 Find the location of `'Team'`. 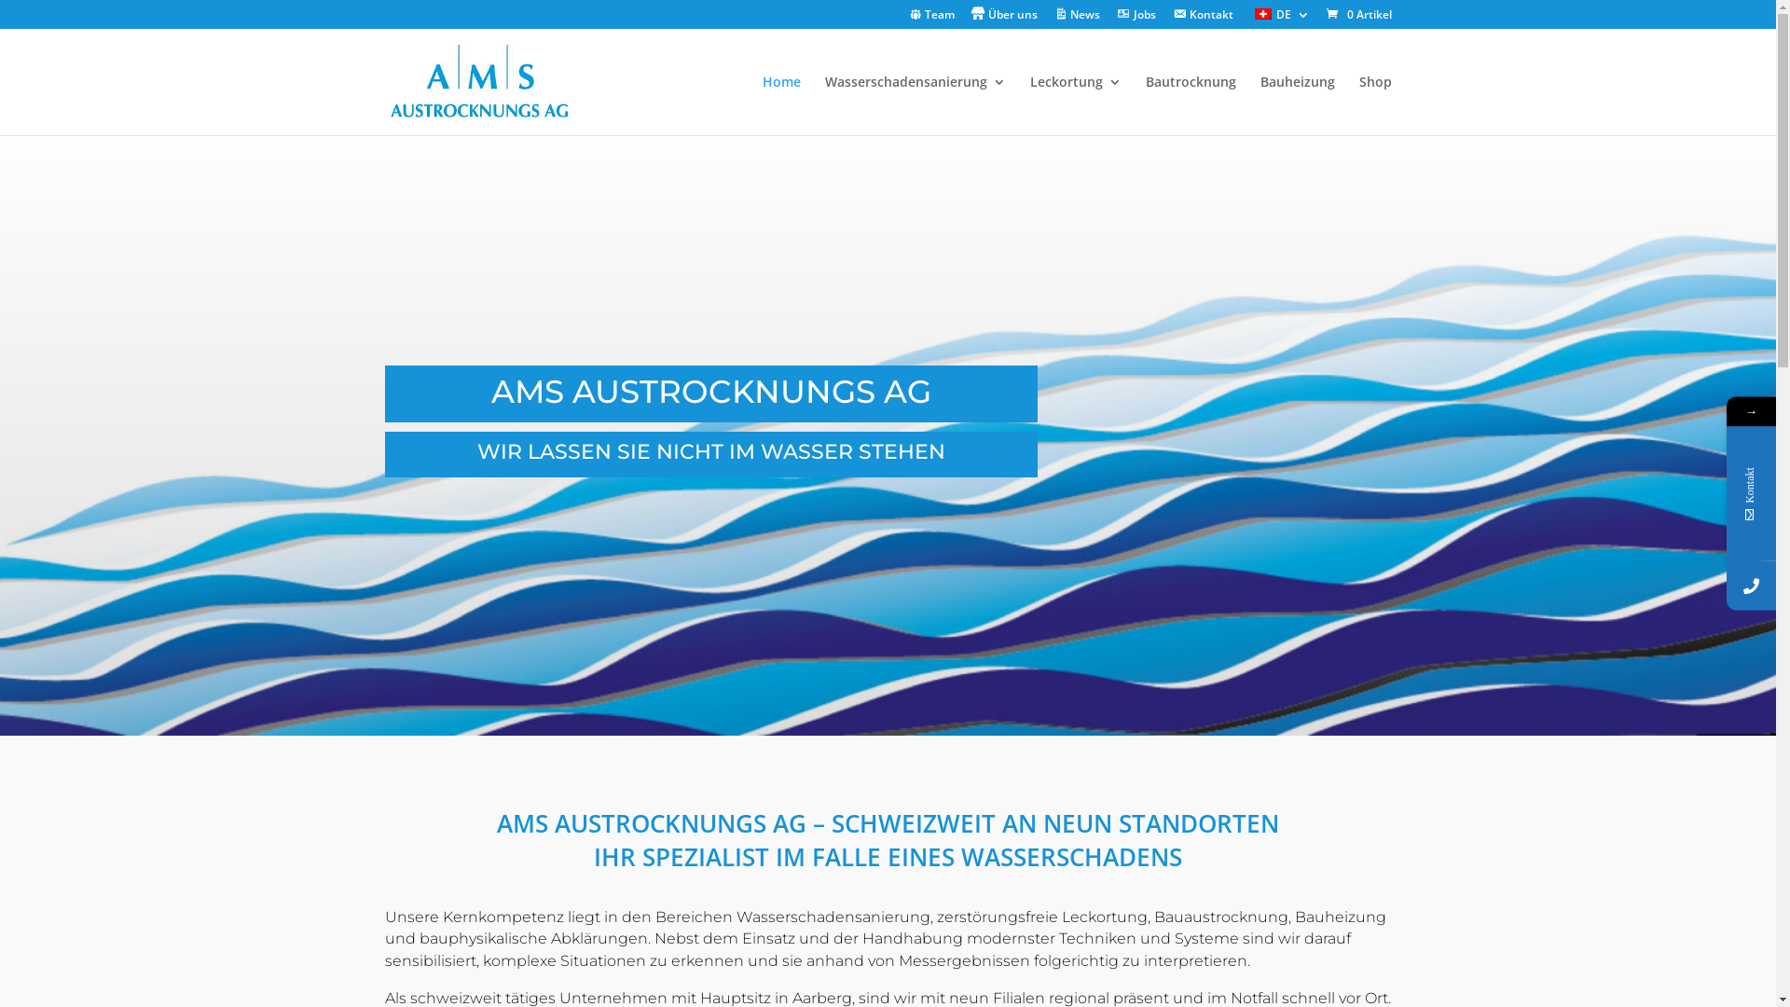

'Team' is located at coordinates (908, 19).